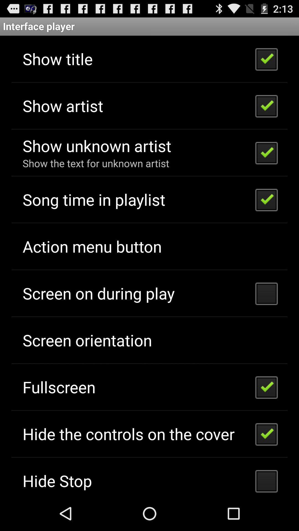  I want to click on song time in, so click(94, 199).